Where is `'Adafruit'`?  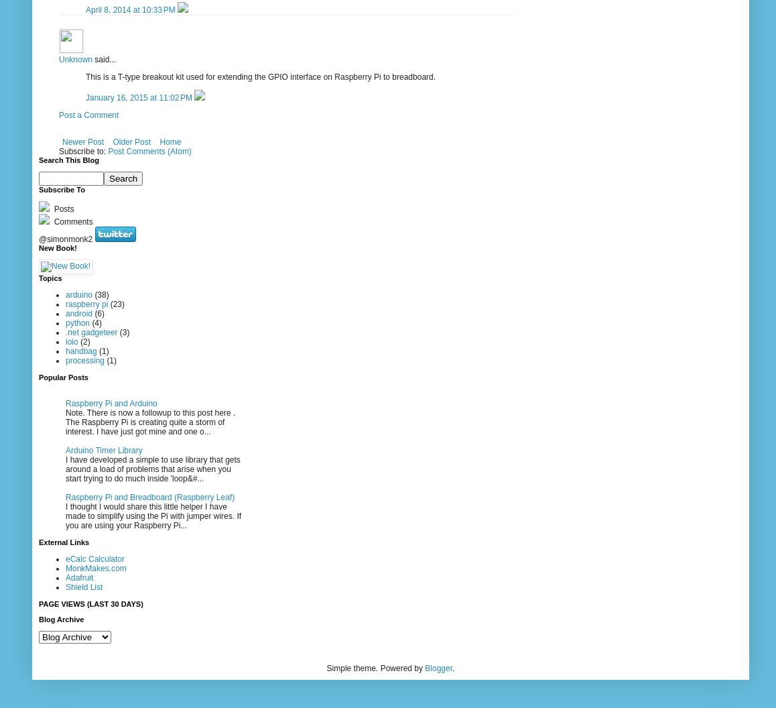
'Adafruit' is located at coordinates (78, 576).